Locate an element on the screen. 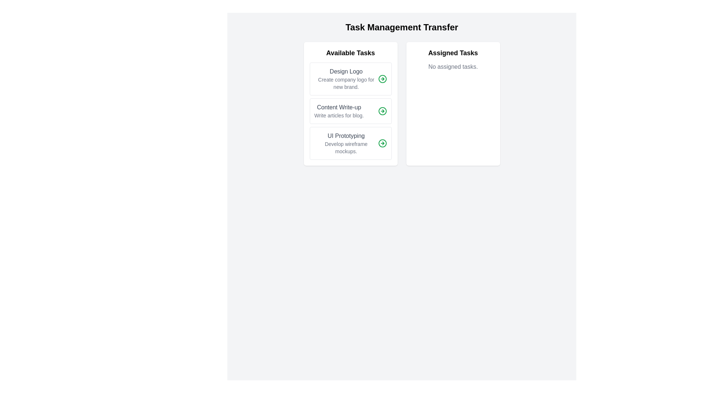 This screenshot has height=395, width=703. the SVG Circle located on the right-hand side of the bottom-most task card in the 'Available Tasks' section, associated with the 'UI Prototyping' task is located at coordinates (382, 143).